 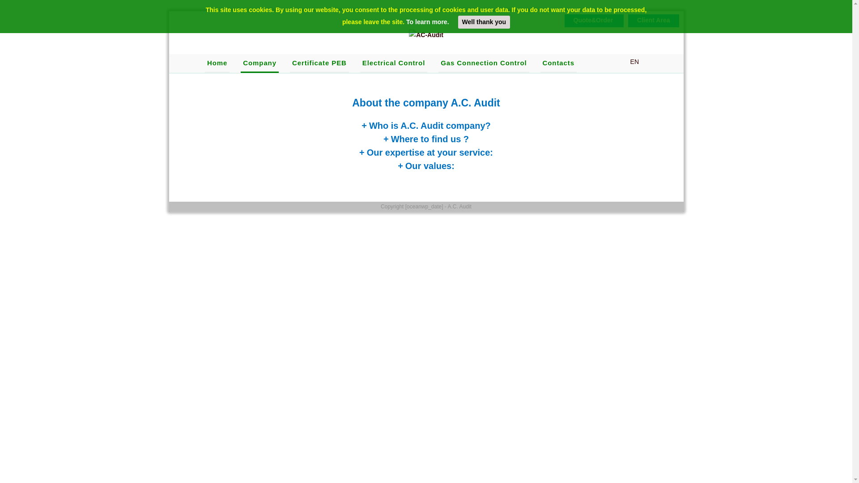 I want to click on 'Well thank you', so click(x=484, y=21).